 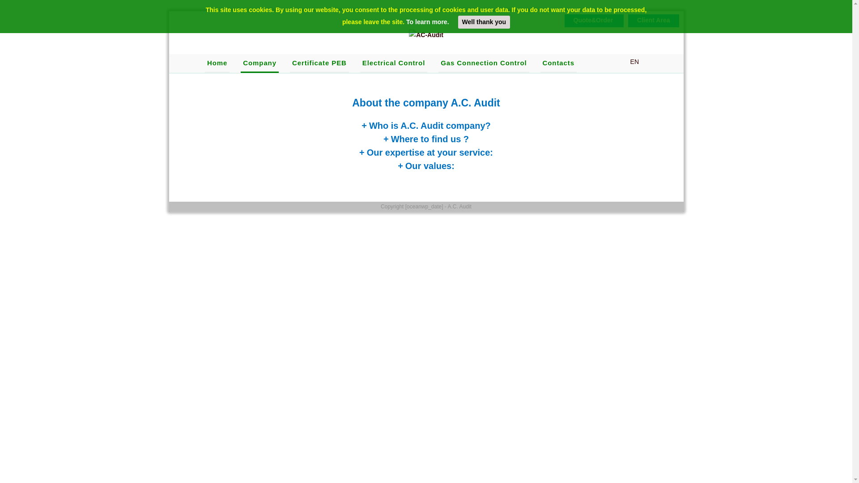 I want to click on 'Well thank you', so click(x=484, y=21).